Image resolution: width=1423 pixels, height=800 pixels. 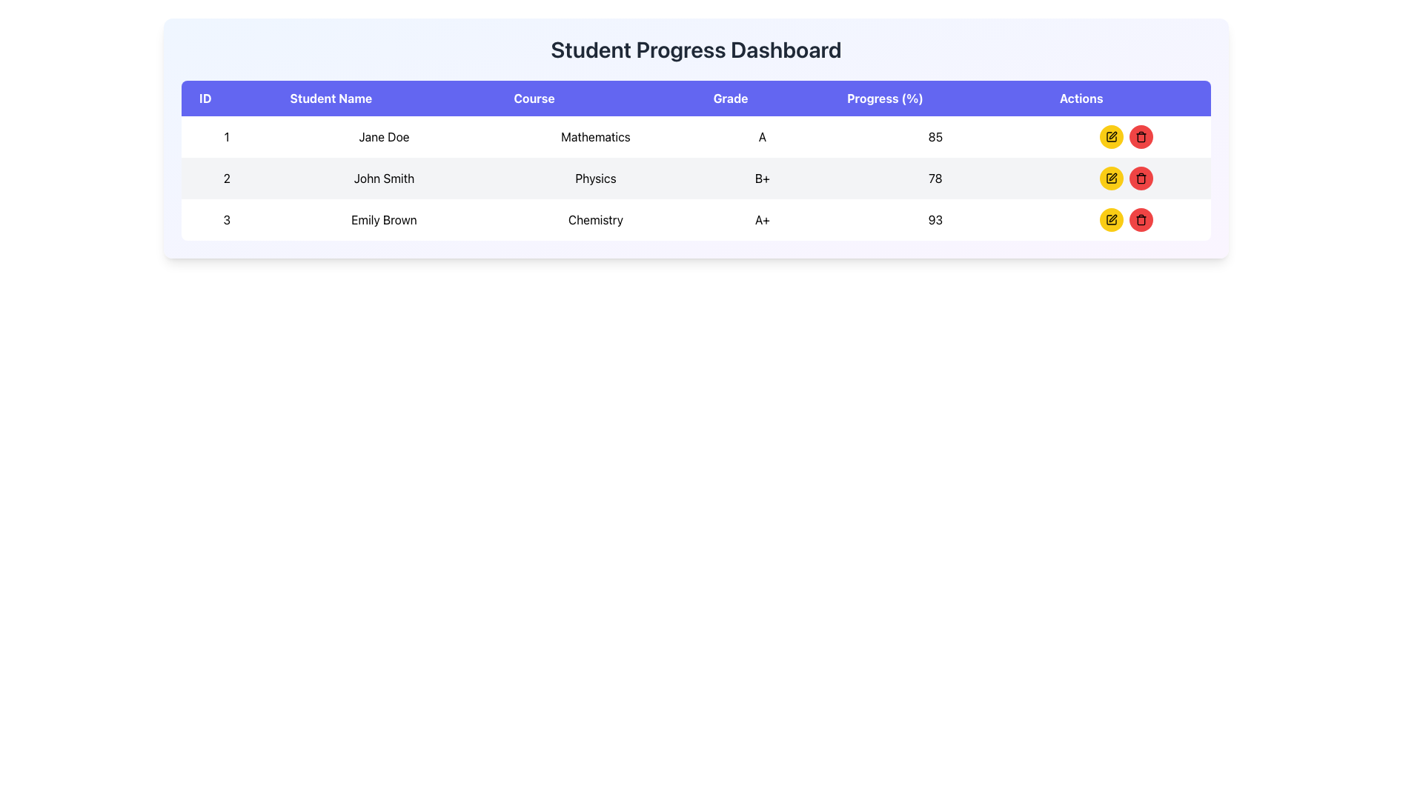 I want to click on the delete icon button located in the 'Actions' column of the second row in the dashboard table, so click(x=1140, y=177).